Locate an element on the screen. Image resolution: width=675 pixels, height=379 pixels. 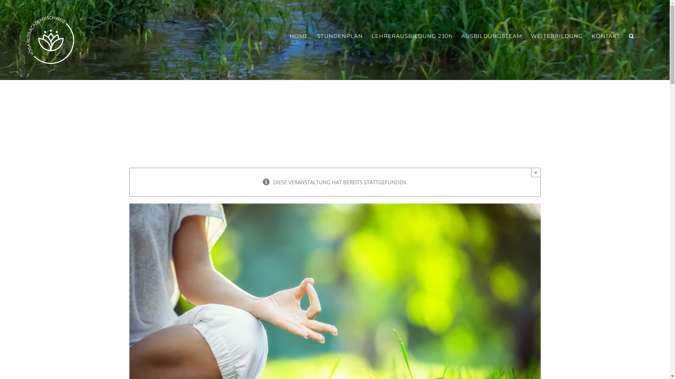
'WEITERBILDUNG' is located at coordinates (557, 36).